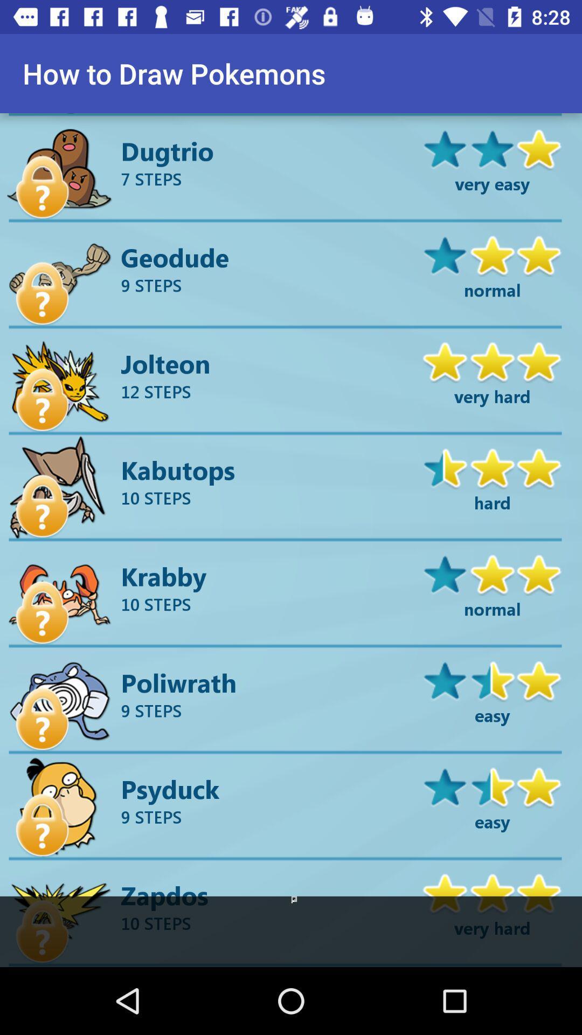 This screenshot has width=582, height=1035. I want to click on the right above very hard  beside jolteon, so click(493, 360).